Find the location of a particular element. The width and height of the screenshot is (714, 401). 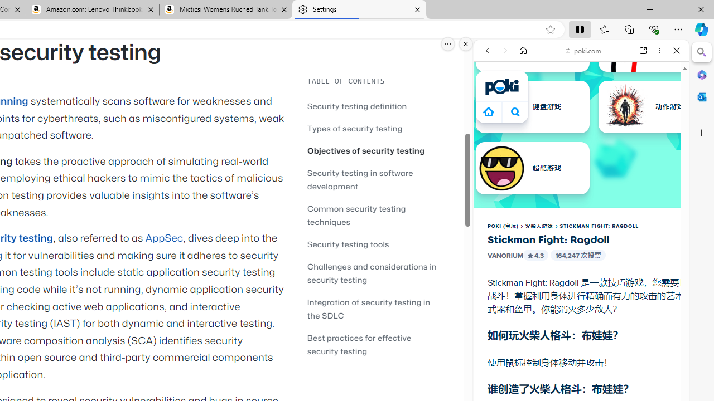

'Challenges and considerations in security testing' is located at coordinates (372, 273).